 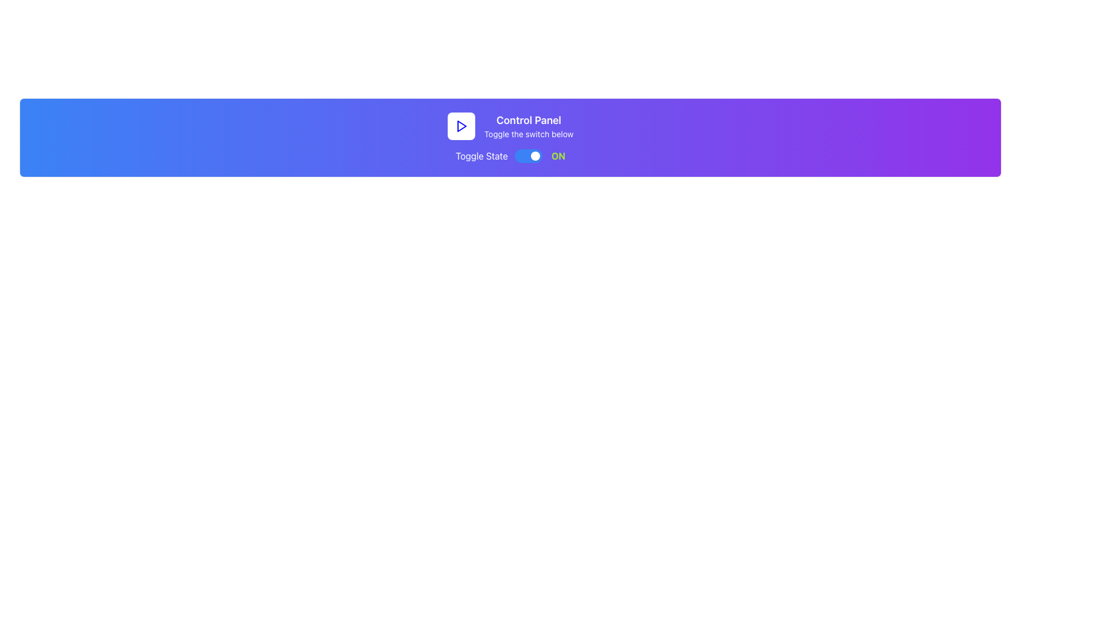 I want to click on instruction from the text label located centrally below the 'Control Panel' title in the interface's gradient background area, so click(x=528, y=134).